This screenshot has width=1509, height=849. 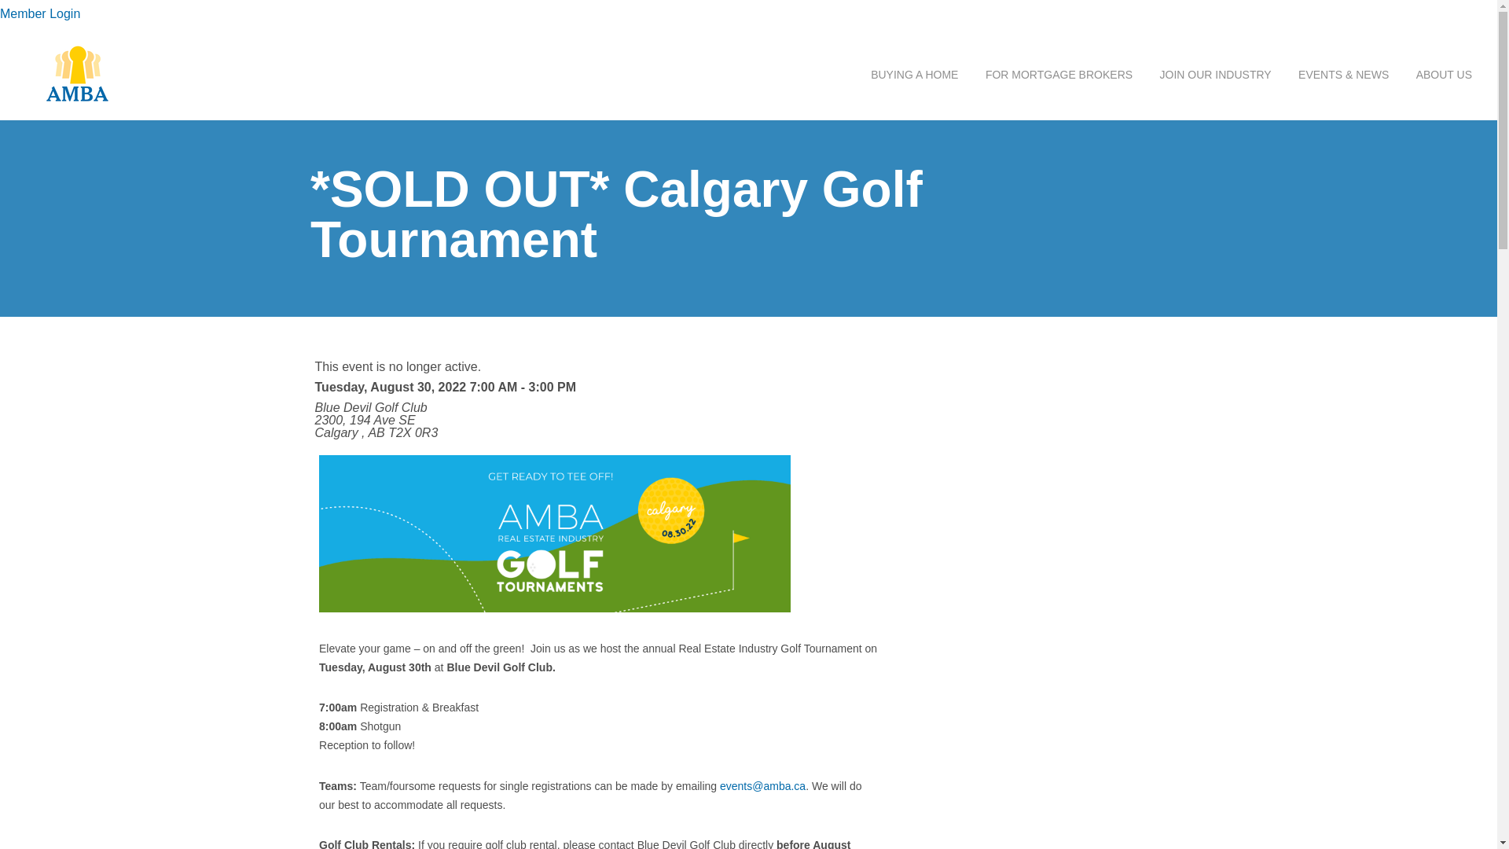 I want to click on 'FOR MORTGAGE BROKERS', so click(x=1059, y=75).